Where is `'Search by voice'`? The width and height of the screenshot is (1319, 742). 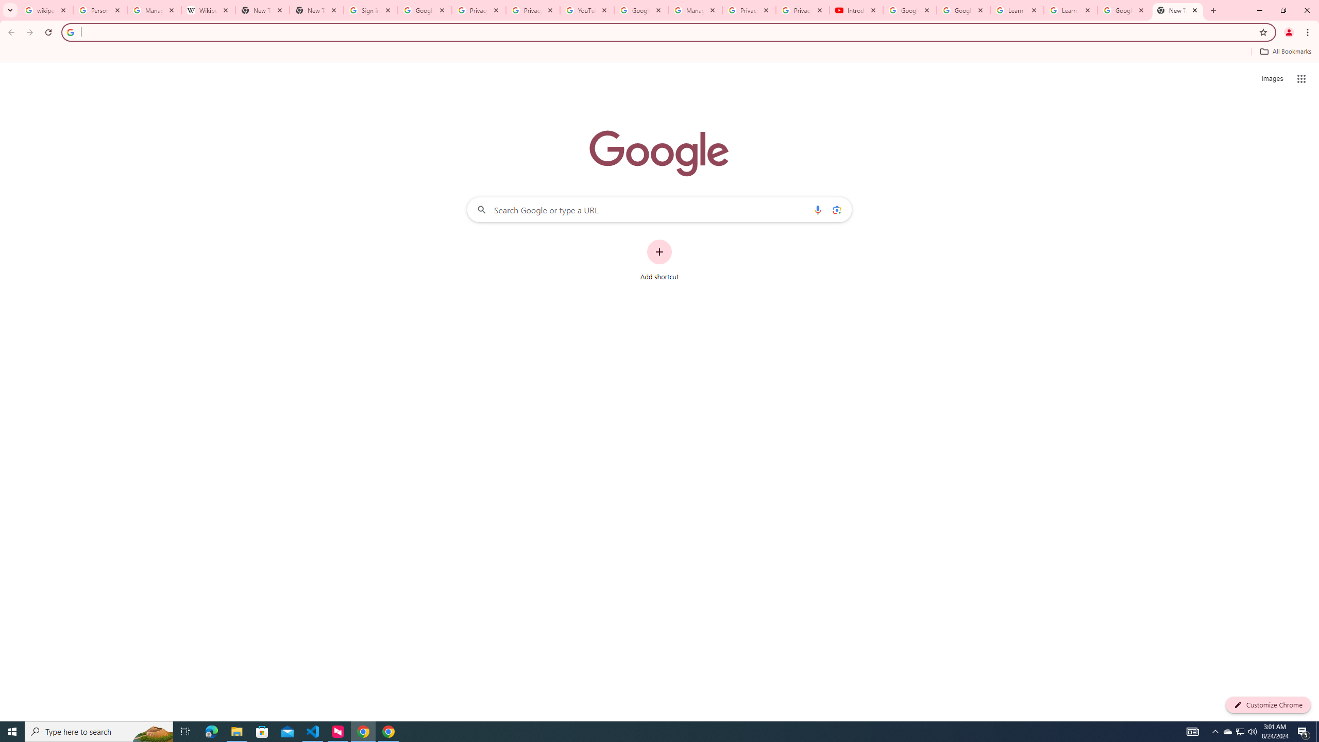 'Search by voice' is located at coordinates (817, 209).